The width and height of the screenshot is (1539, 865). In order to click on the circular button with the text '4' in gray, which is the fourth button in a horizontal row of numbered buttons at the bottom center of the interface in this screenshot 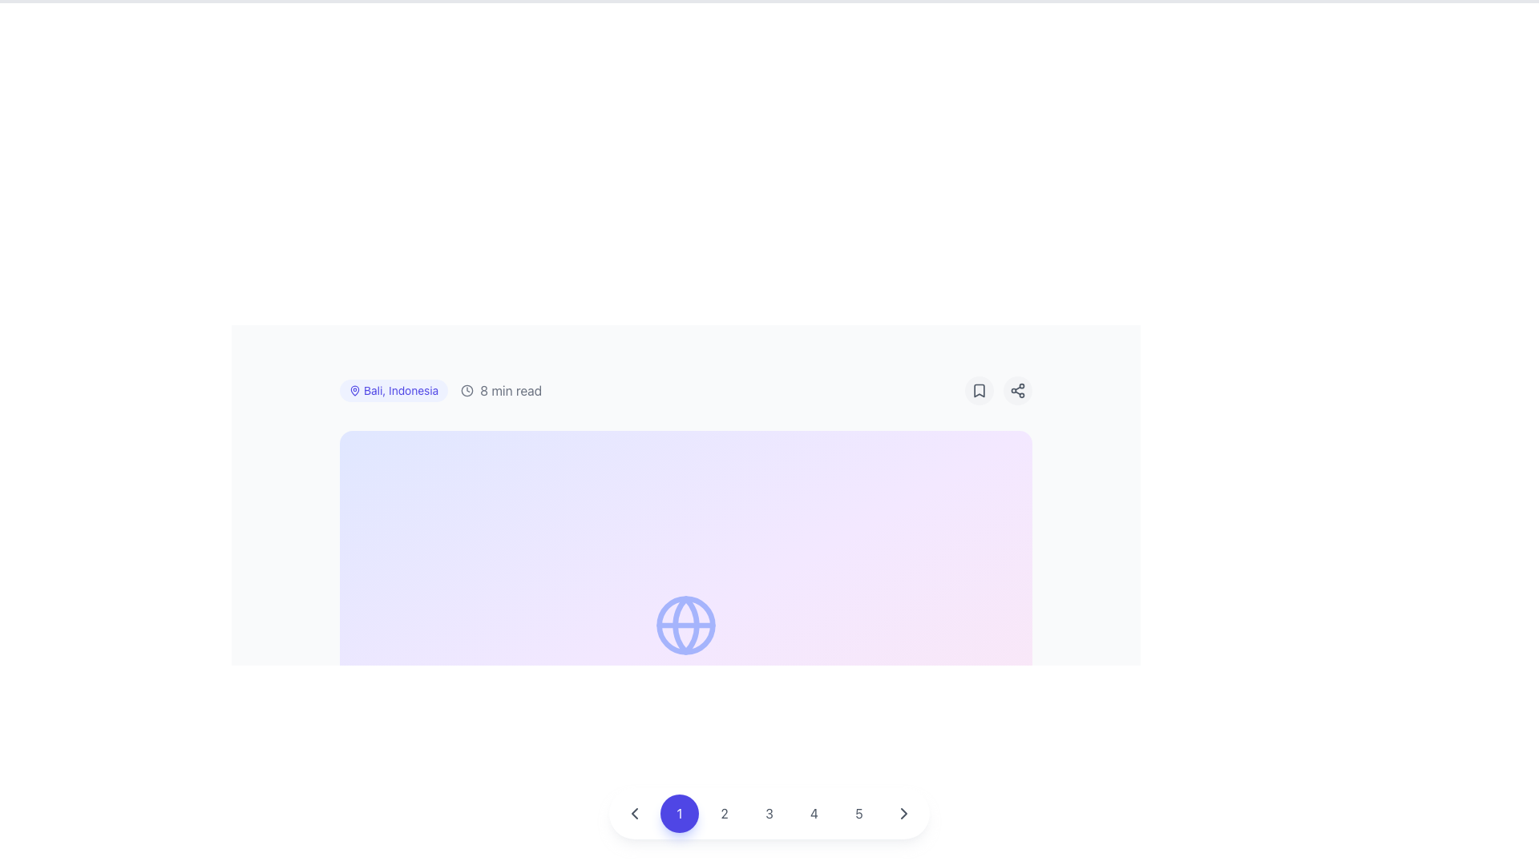, I will do `click(814, 813)`.